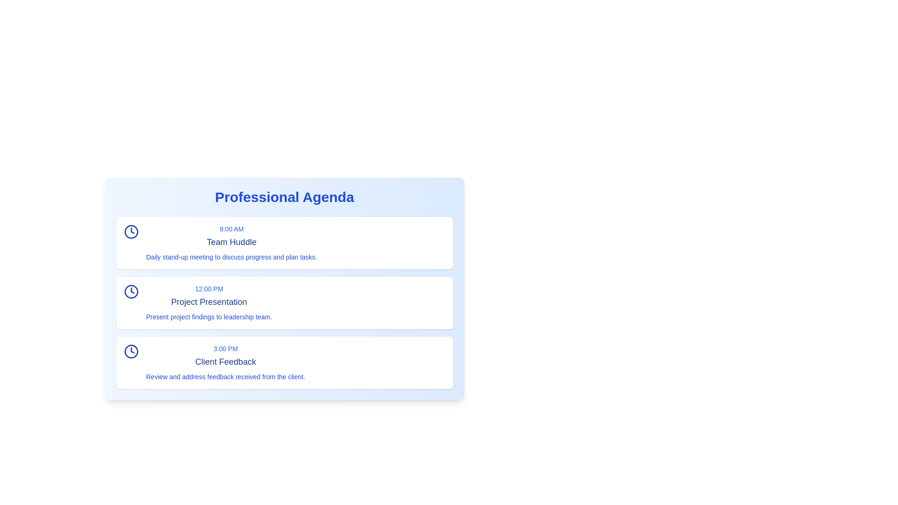  I want to click on the SVG Circle that represents the clock face, located at the center of the clock icon, which is positioned to the left of the '3:00 PM Client Feedback' event in the agenda interface, so click(130, 352).